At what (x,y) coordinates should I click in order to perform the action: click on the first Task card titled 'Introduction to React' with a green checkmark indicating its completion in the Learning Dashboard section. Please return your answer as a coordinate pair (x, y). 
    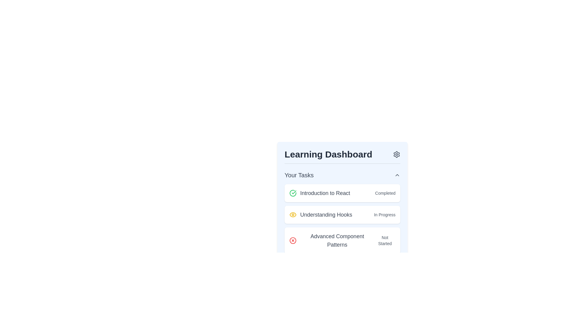
    Looking at the image, I should click on (342, 193).